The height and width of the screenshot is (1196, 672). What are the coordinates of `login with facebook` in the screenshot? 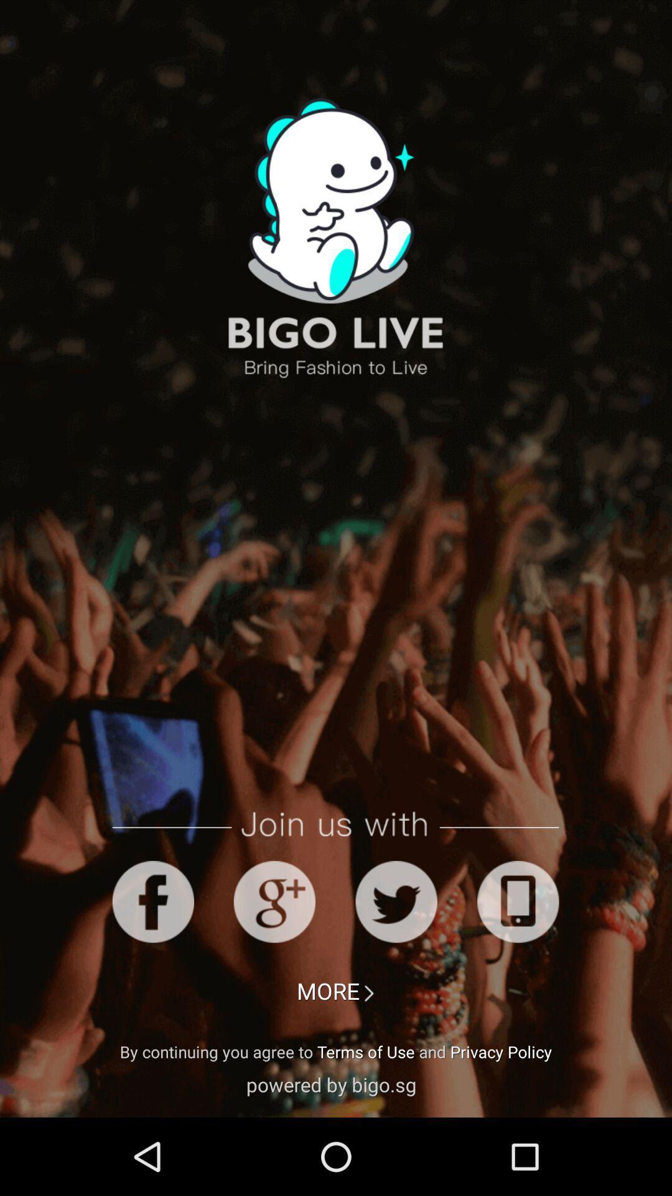 It's located at (152, 901).